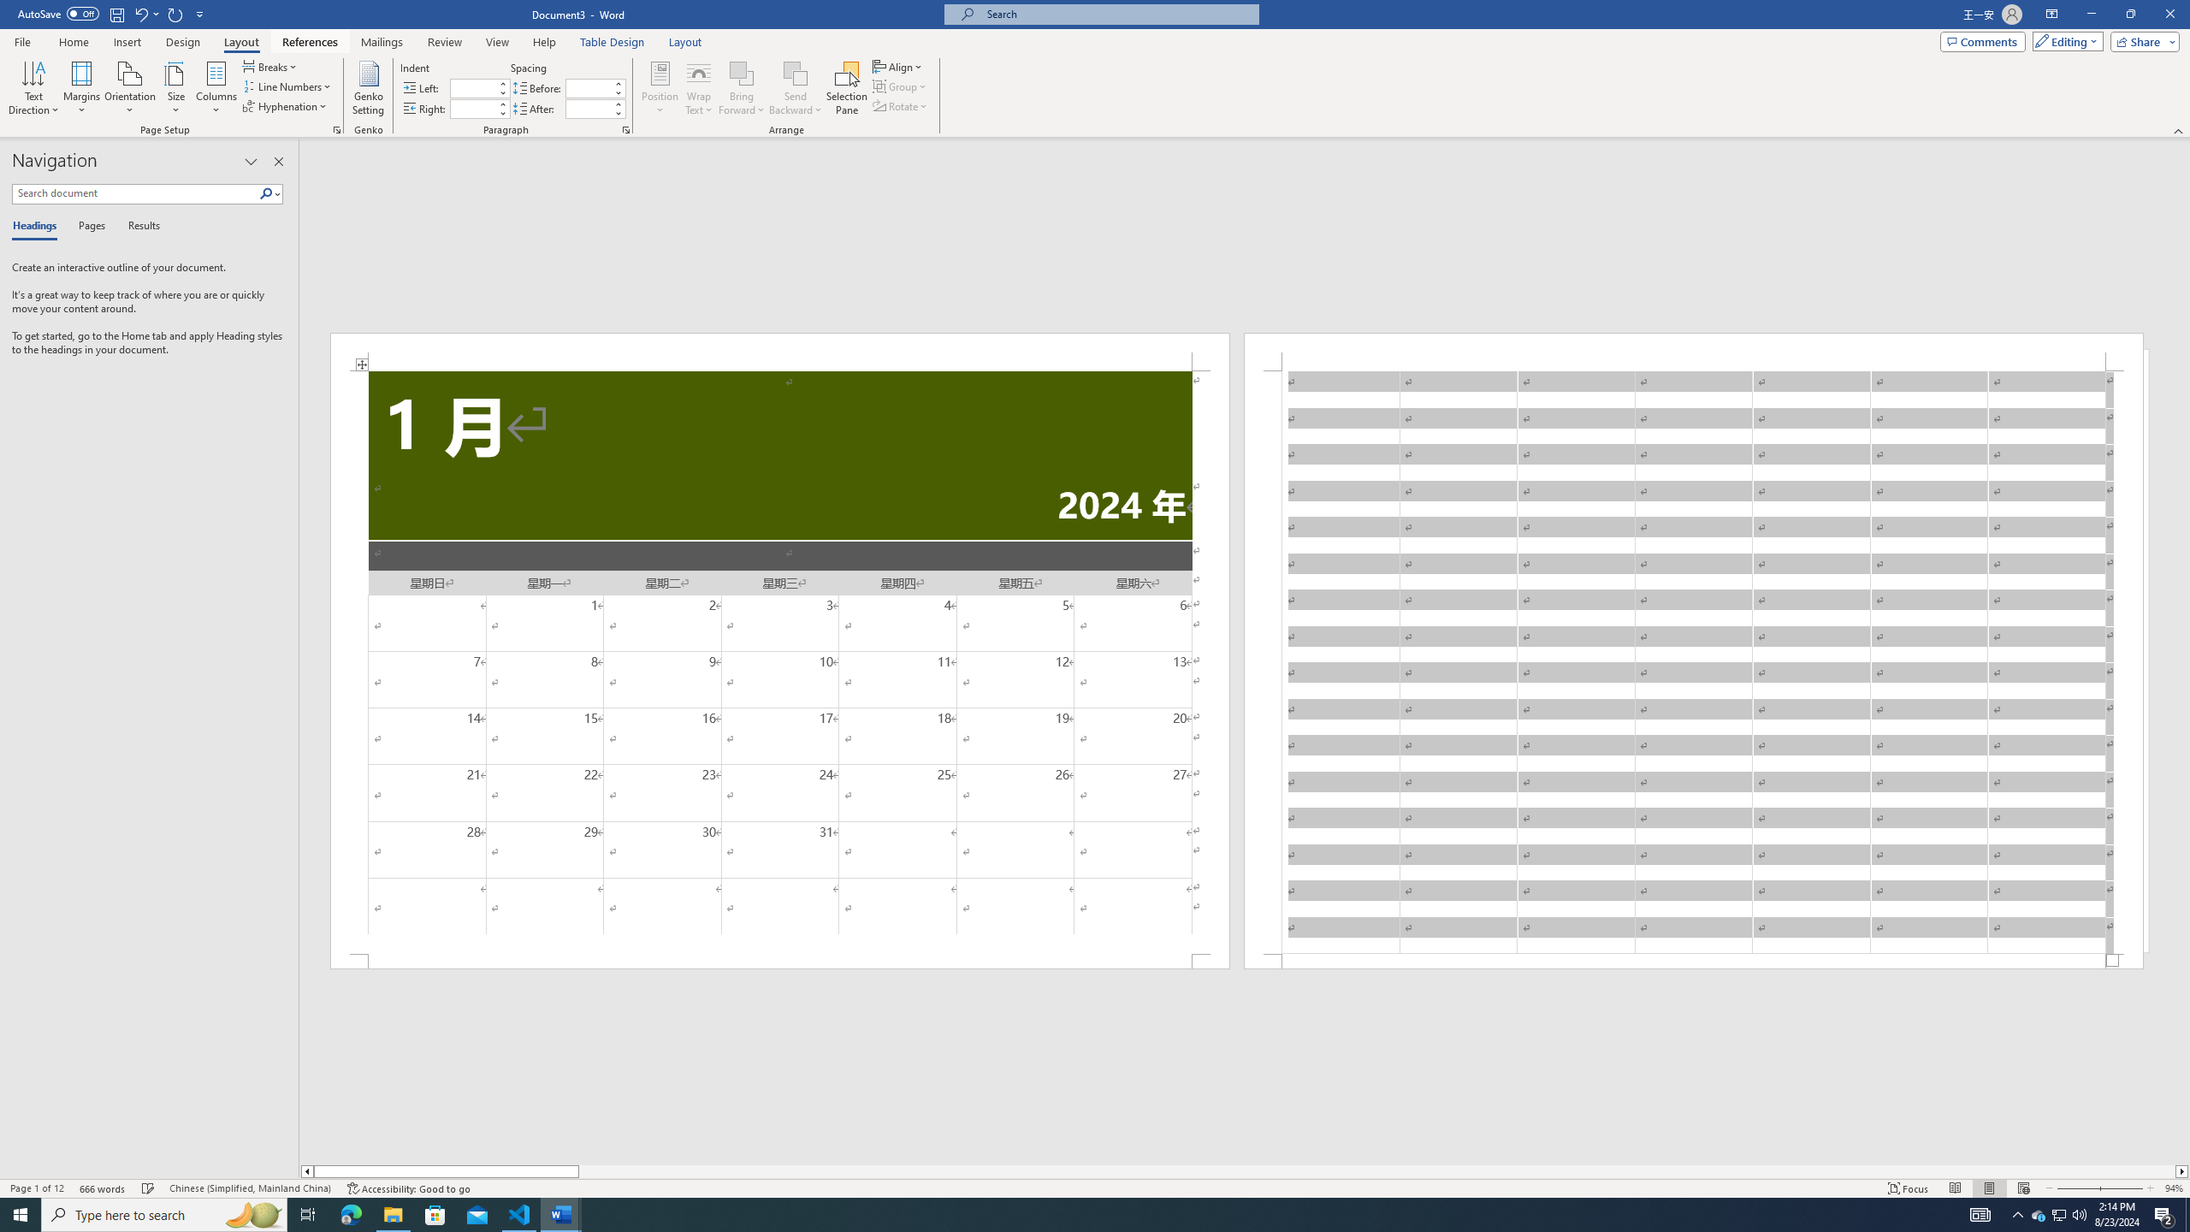  I want to click on 'Class: NetUIImage', so click(266, 192).